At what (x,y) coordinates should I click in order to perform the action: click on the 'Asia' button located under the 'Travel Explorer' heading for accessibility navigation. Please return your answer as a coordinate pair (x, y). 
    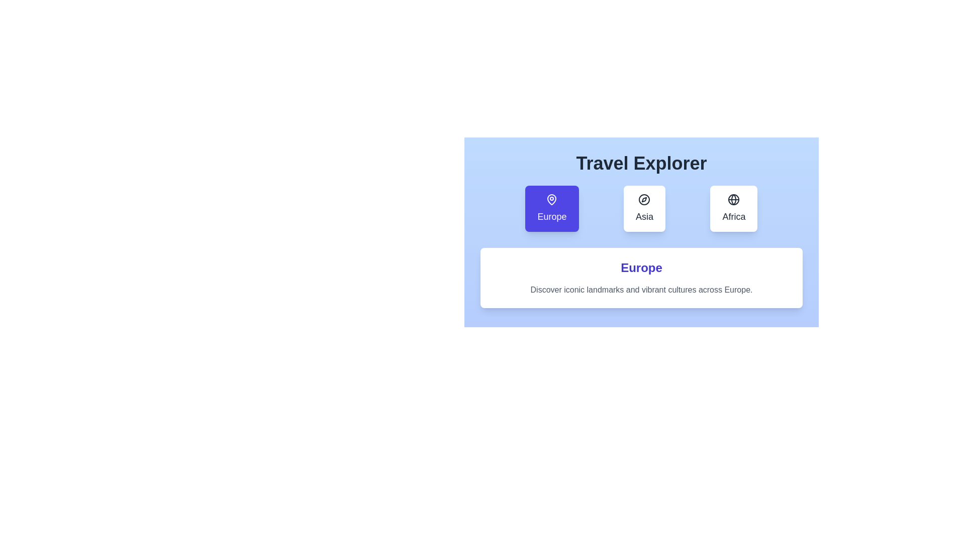
    Looking at the image, I should click on (641, 226).